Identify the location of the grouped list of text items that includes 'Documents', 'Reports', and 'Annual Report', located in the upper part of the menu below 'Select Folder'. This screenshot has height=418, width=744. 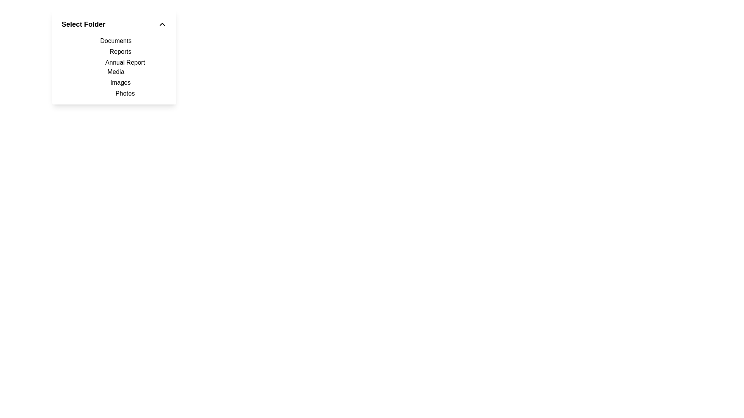
(114, 52).